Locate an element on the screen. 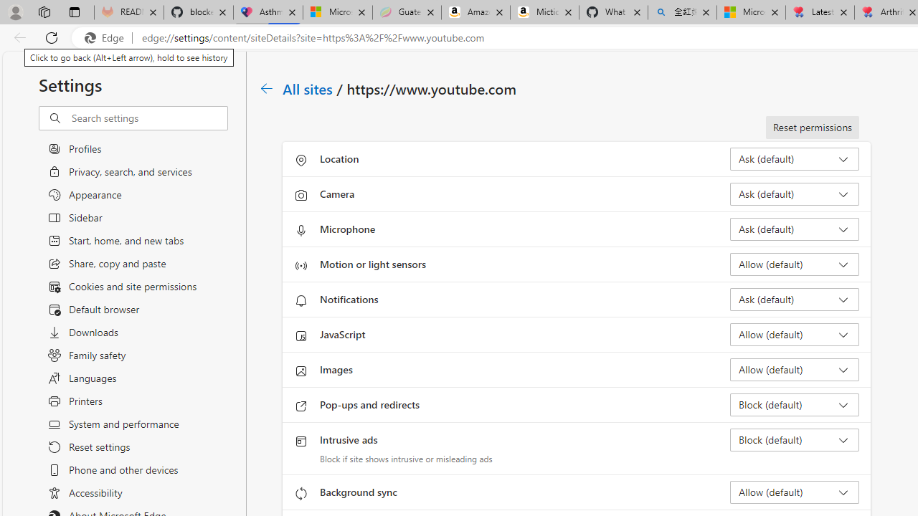 The height and width of the screenshot is (516, 918). 'Images Allow (default)' is located at coordinates (793, 368).